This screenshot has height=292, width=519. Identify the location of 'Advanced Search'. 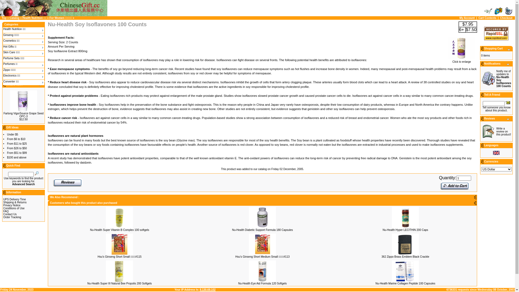
(23, 184).